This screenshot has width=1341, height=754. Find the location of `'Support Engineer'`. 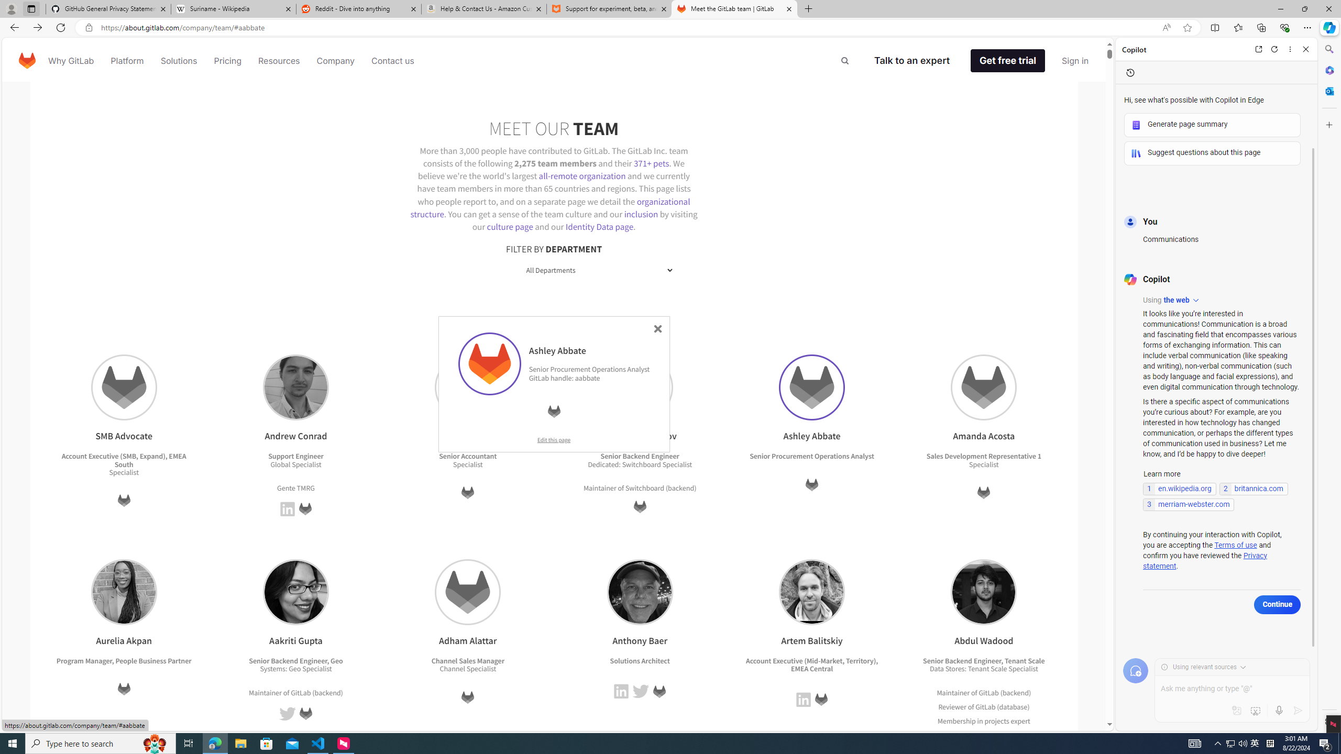

'Support Engineer' is located at coordinates (295, 456).